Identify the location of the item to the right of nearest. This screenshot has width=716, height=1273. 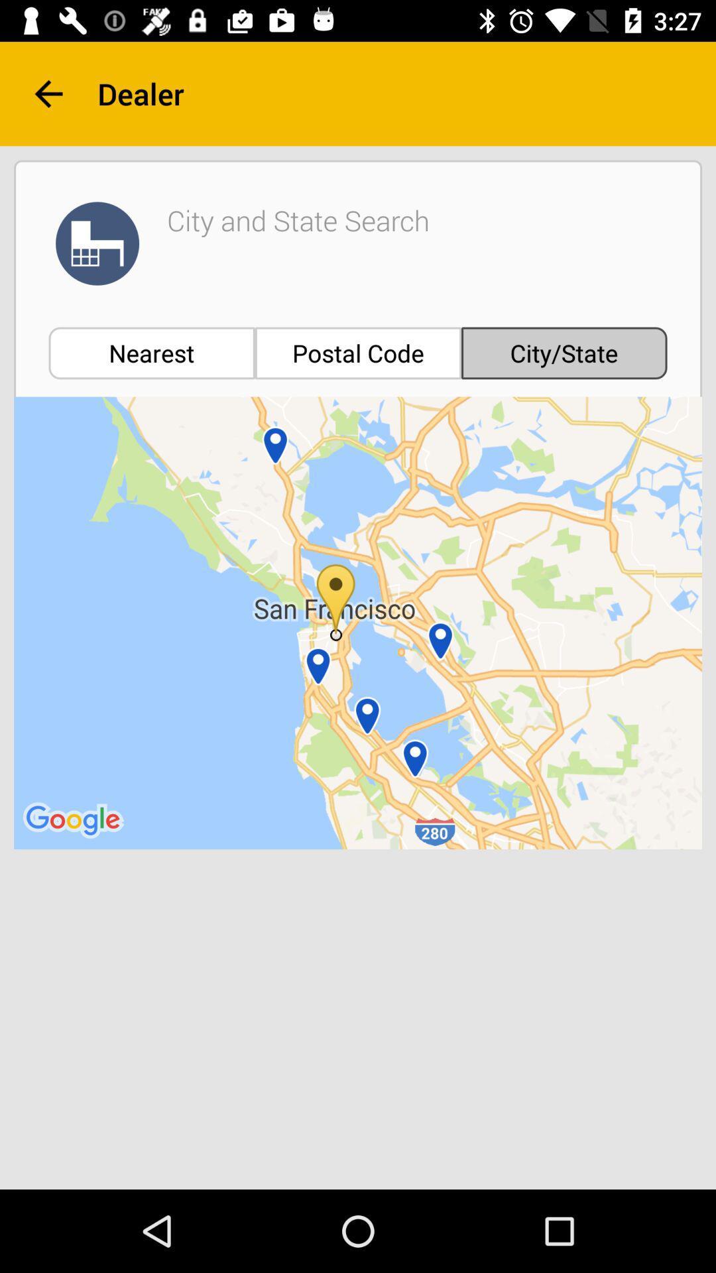
(358, 353).